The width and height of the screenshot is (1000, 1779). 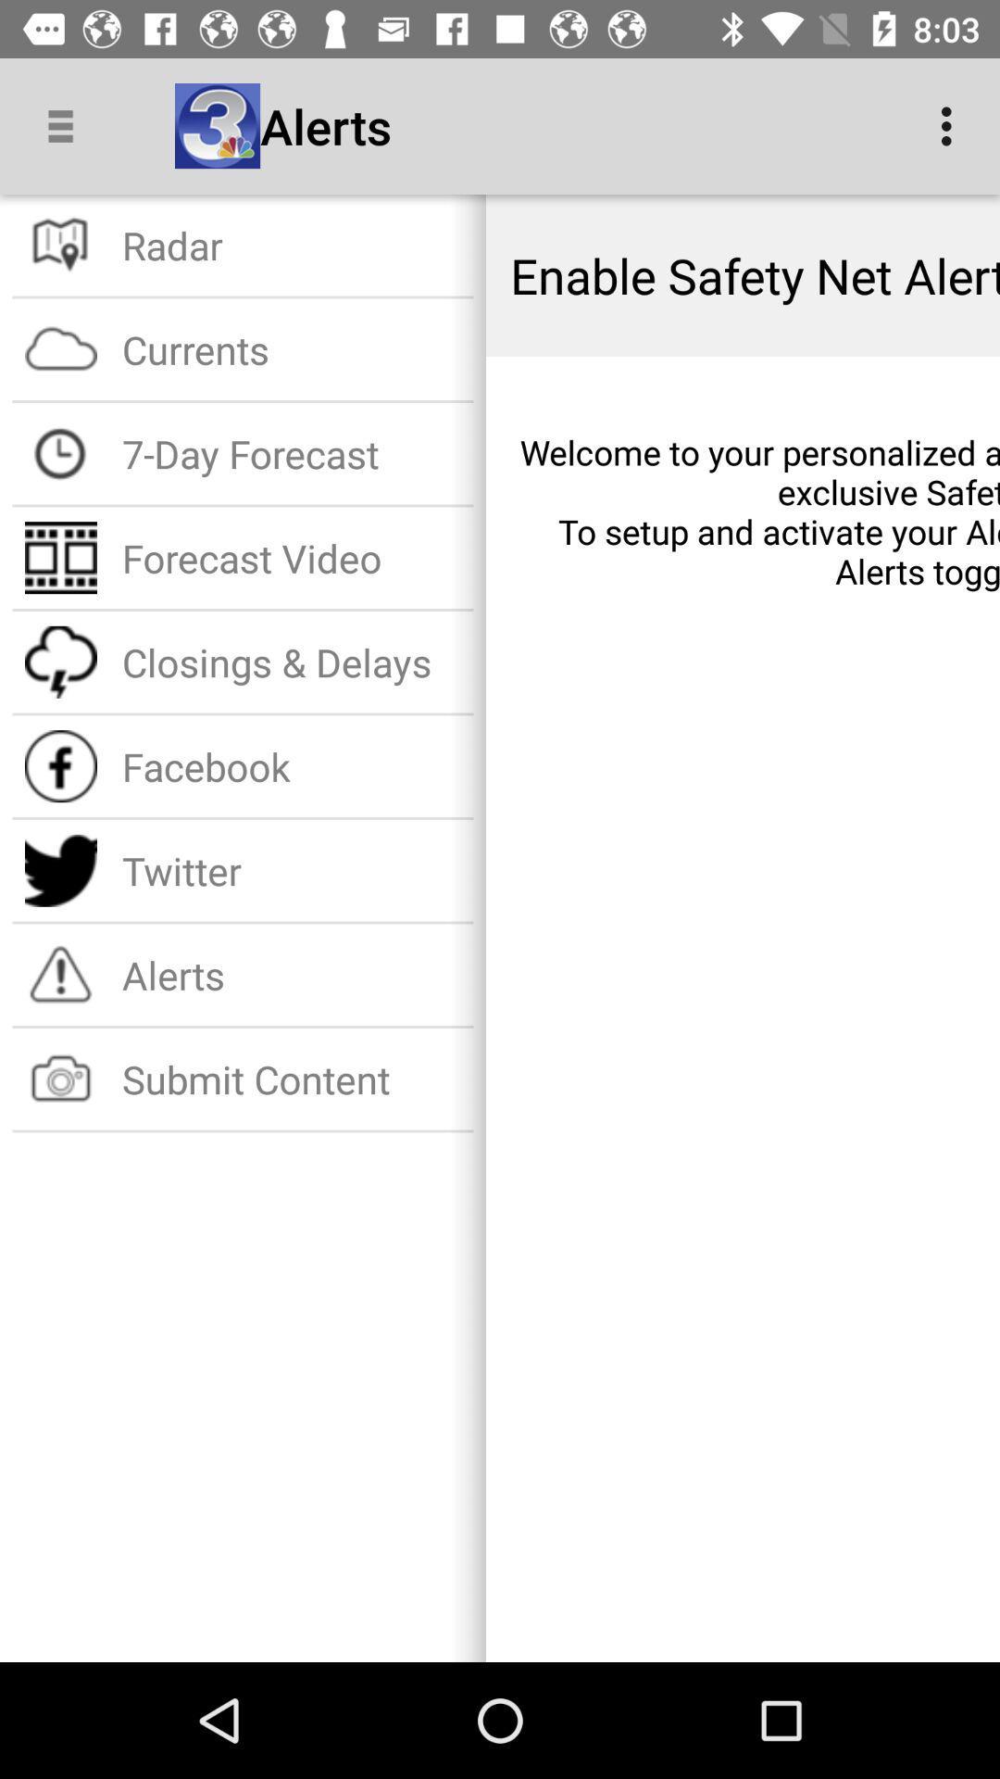 What do you see at coordinates (292, 244) in the screenshot?
I see `icon next to enable safety net` at bounding box center [292, 244].